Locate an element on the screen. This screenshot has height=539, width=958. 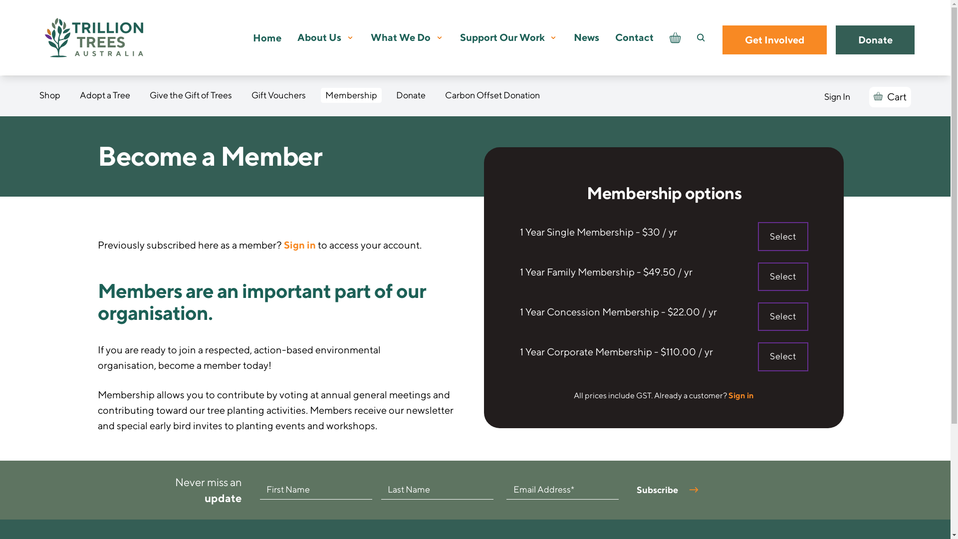
'Home' is located at coordinates (253, 36).